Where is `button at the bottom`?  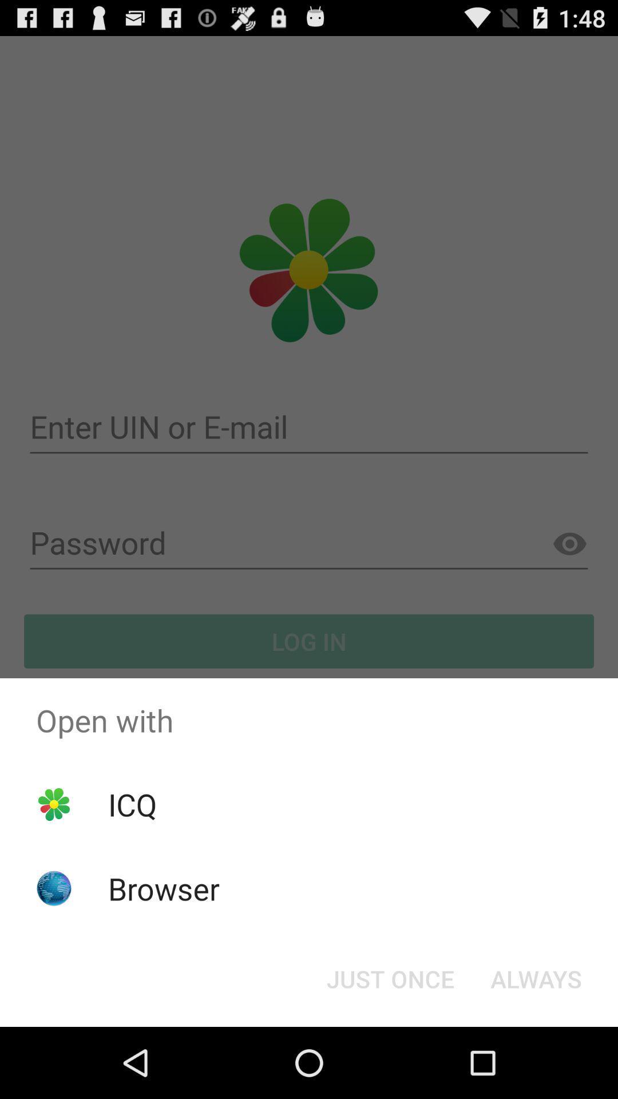
button at the bottom is located at coordinates (390, 978).